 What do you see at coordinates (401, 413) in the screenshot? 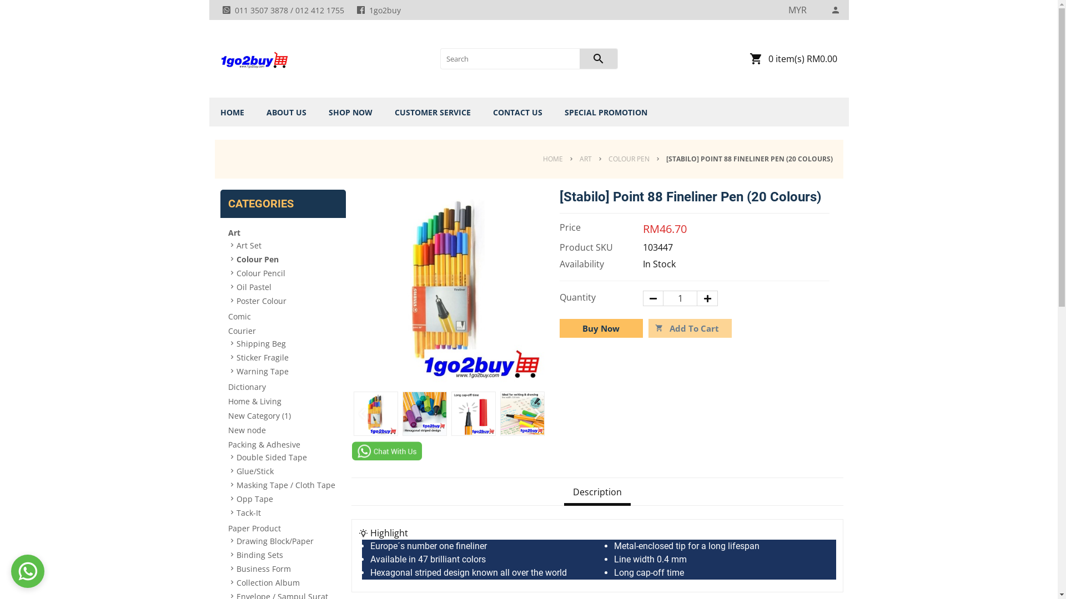
I see `' [Stabilo] Point 88 Fineliner Pen (20 Colours)'` at bounding box center [401, 413].